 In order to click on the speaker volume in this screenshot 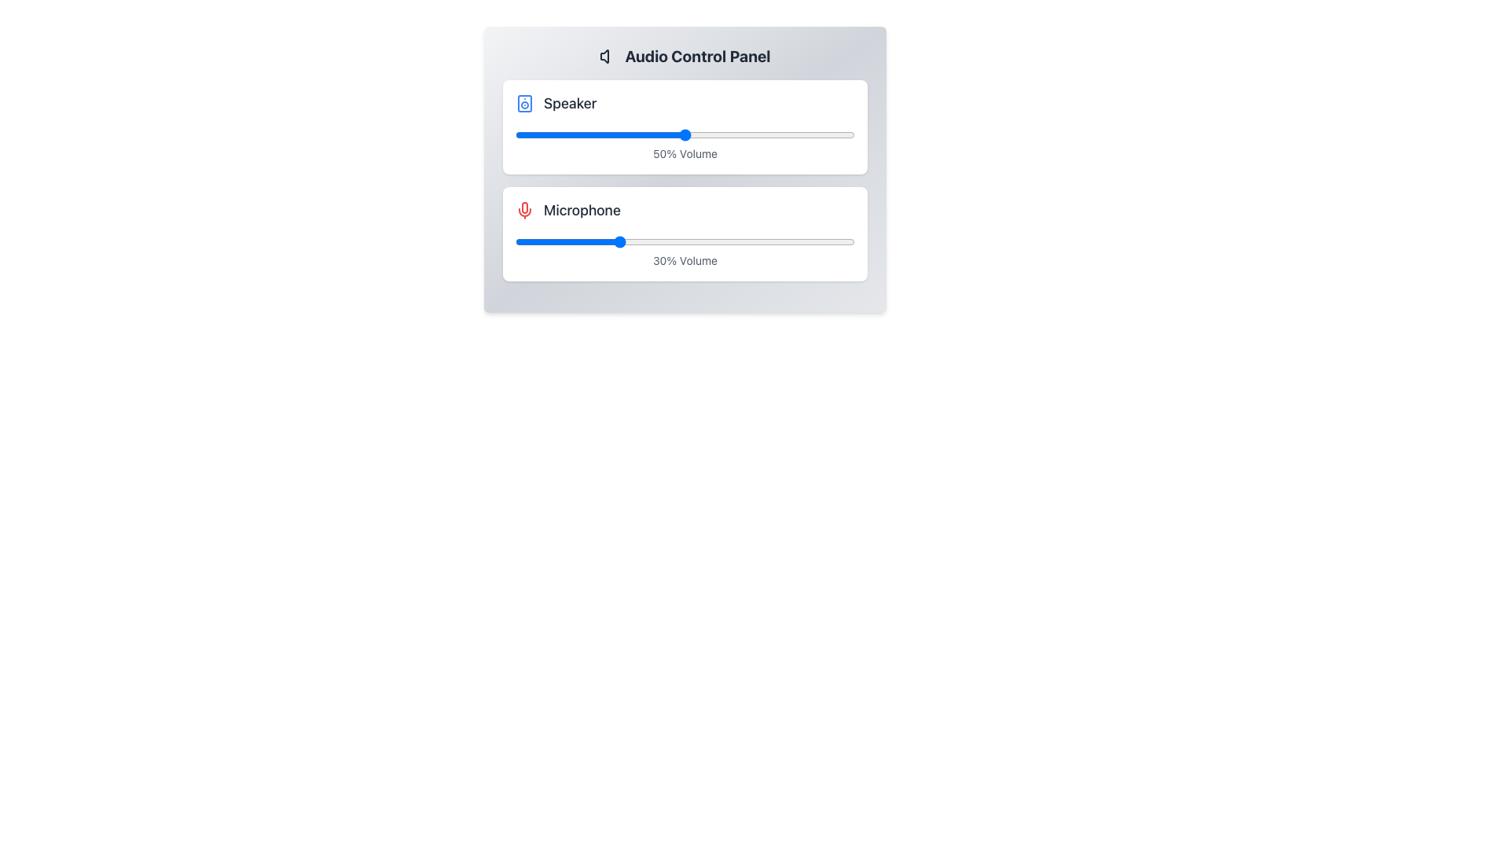, I will do `click(532, 134)`.